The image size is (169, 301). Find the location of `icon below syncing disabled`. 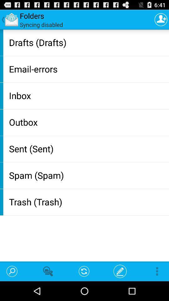

icon below syncing disabled is located at coordinates (87, 42).